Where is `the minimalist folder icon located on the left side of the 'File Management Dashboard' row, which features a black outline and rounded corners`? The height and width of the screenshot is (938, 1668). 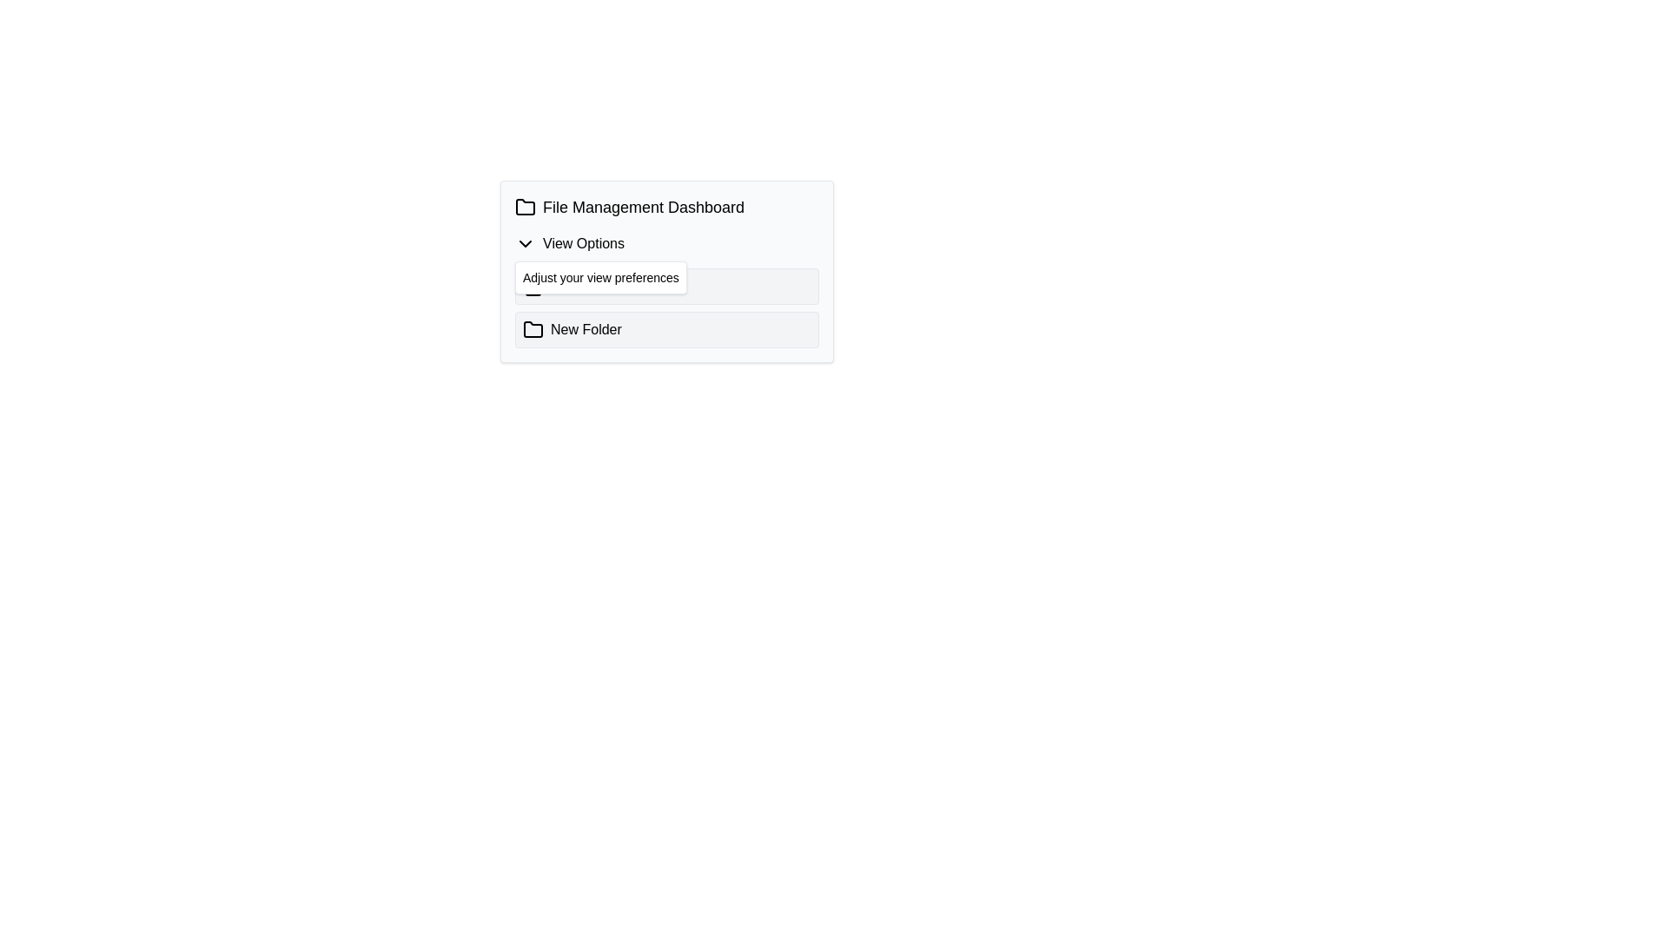 the minimalist folder icon located on the left side of the 'File Management Dashboard' row, which features a black outline and rounded corners is located at coordinates (524, 207).